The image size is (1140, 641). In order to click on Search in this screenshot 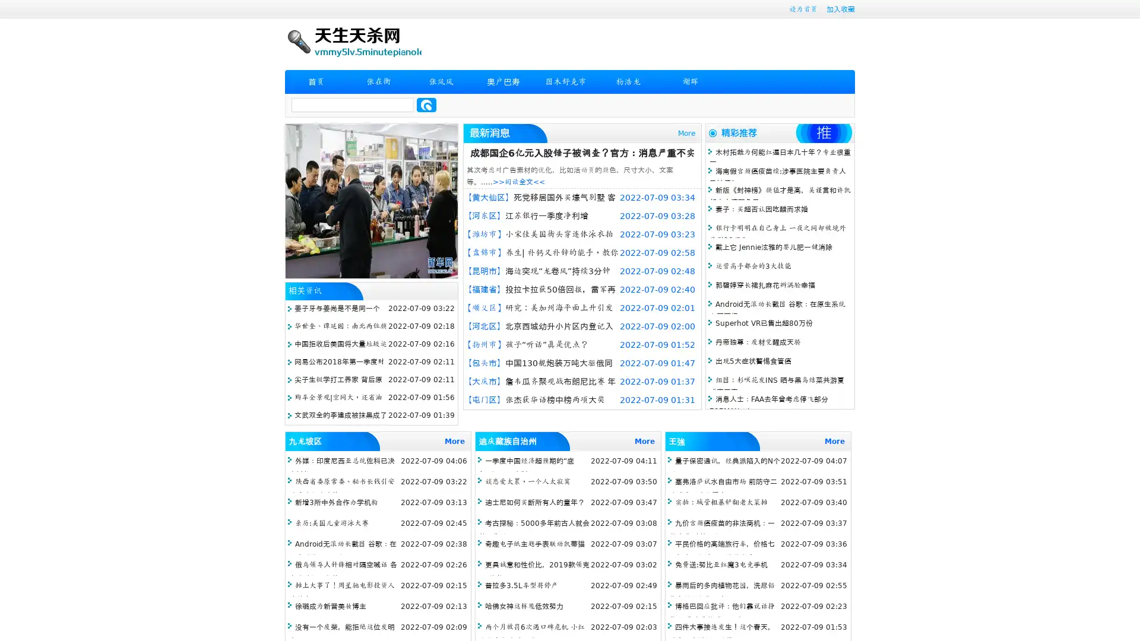, I will do `click(426, 104)`.